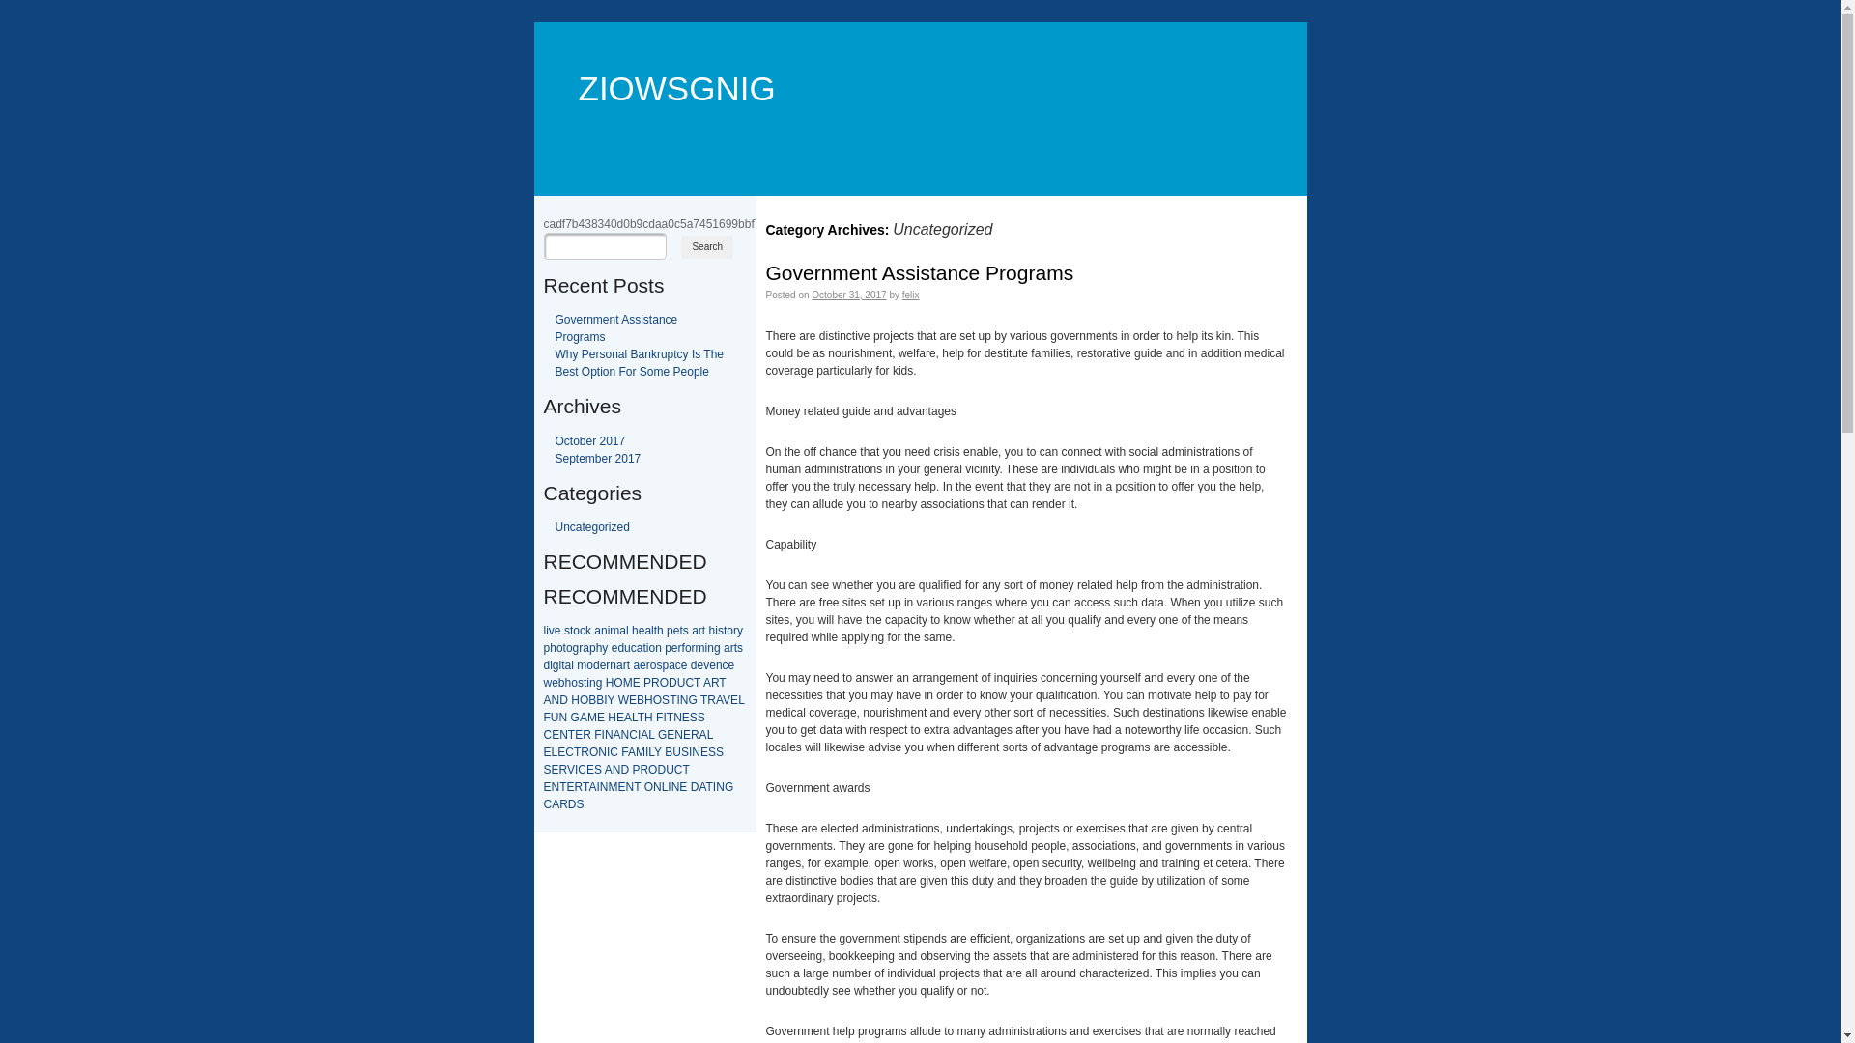 Image resolution: width=1855 pixels, height=1043 pixels. What do you see at coordinates (578, 786) in the screenshot?
I see `'R'` at bounding box center [578, 786].